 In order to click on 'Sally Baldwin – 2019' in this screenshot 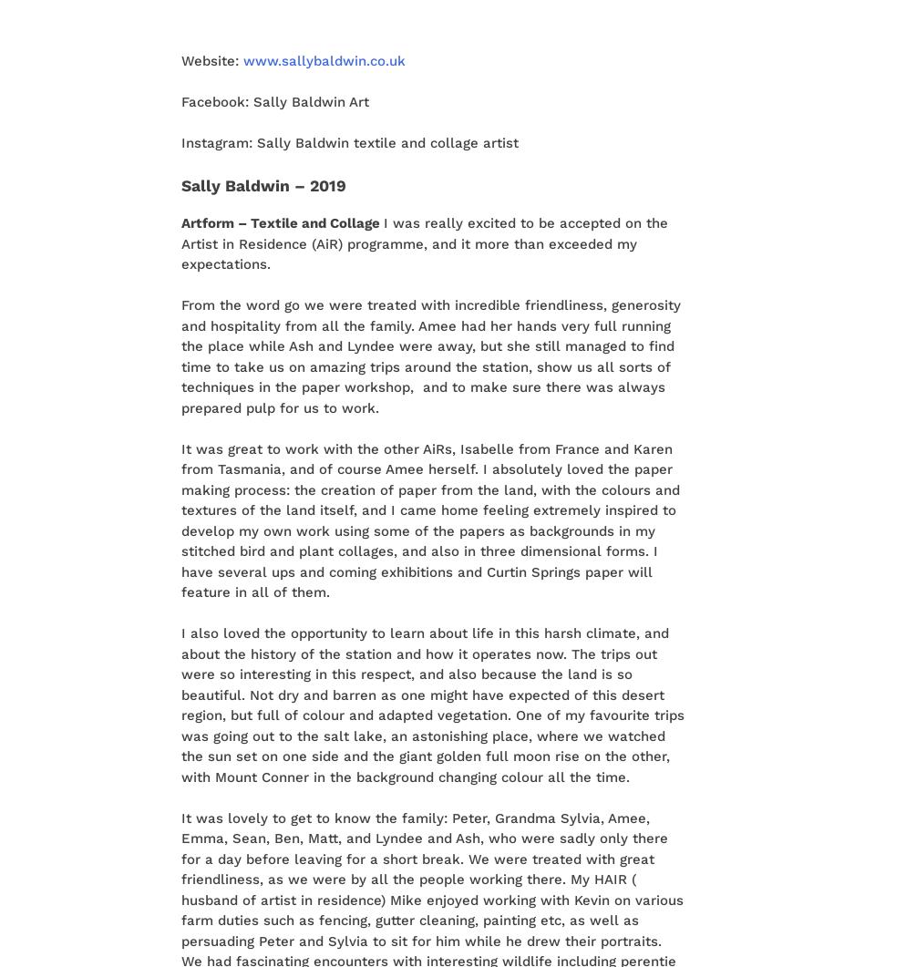, I will do `click(180, 183)`.